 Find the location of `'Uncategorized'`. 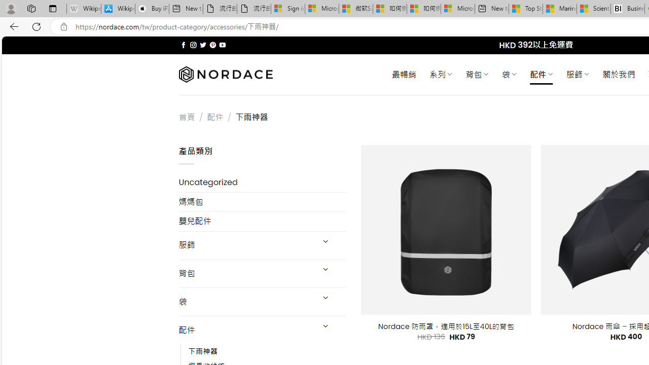

'Uncategorized' is located at coordinates (262, 182).